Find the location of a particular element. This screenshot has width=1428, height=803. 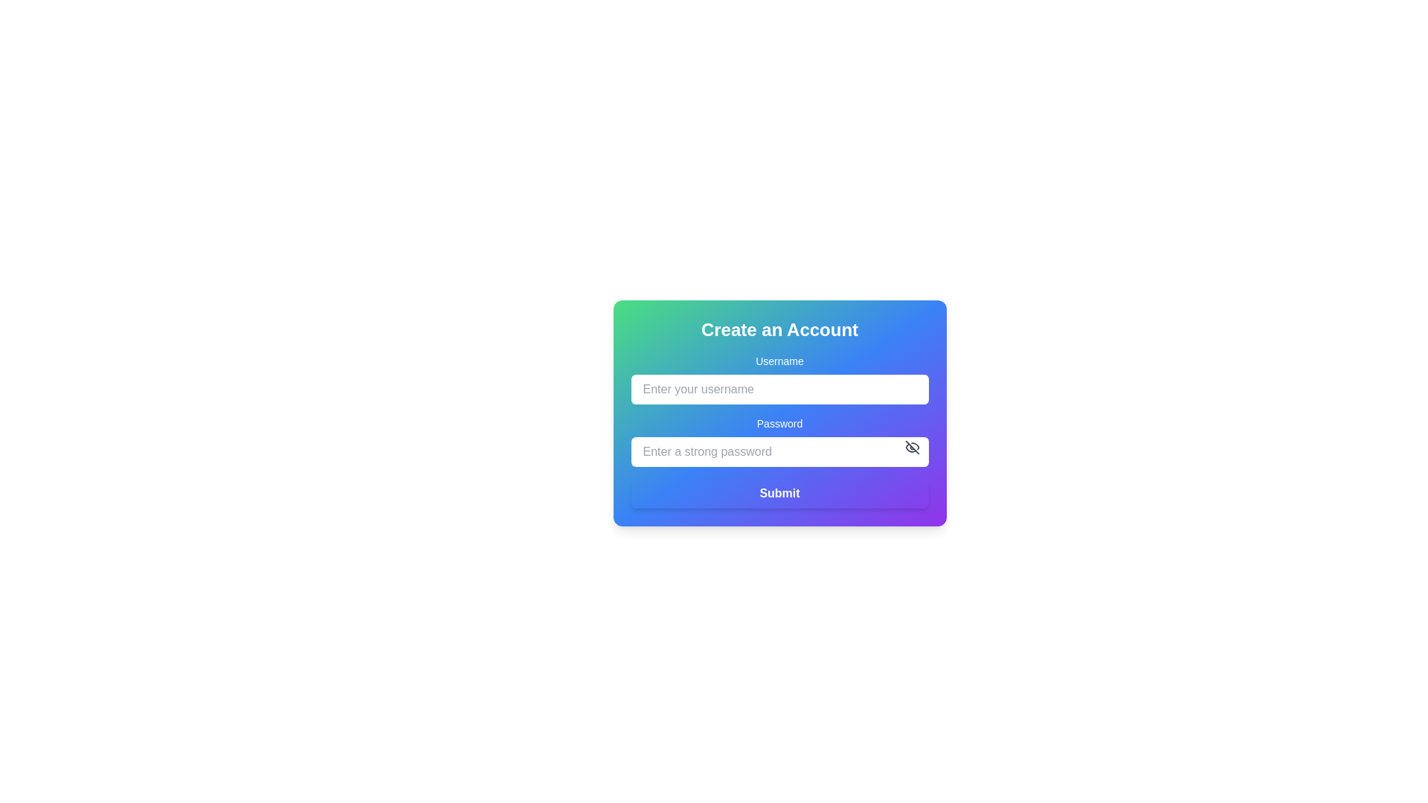

the password input field to focus within it, which is the second input field in the vertical stack following the Username field is located at coordinates (779, 441).